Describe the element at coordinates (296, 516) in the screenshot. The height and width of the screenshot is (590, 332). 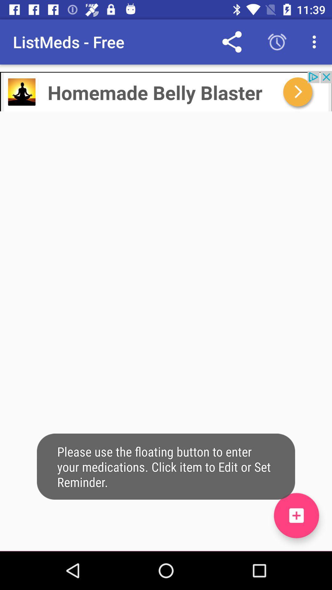
I see `page` at that location.